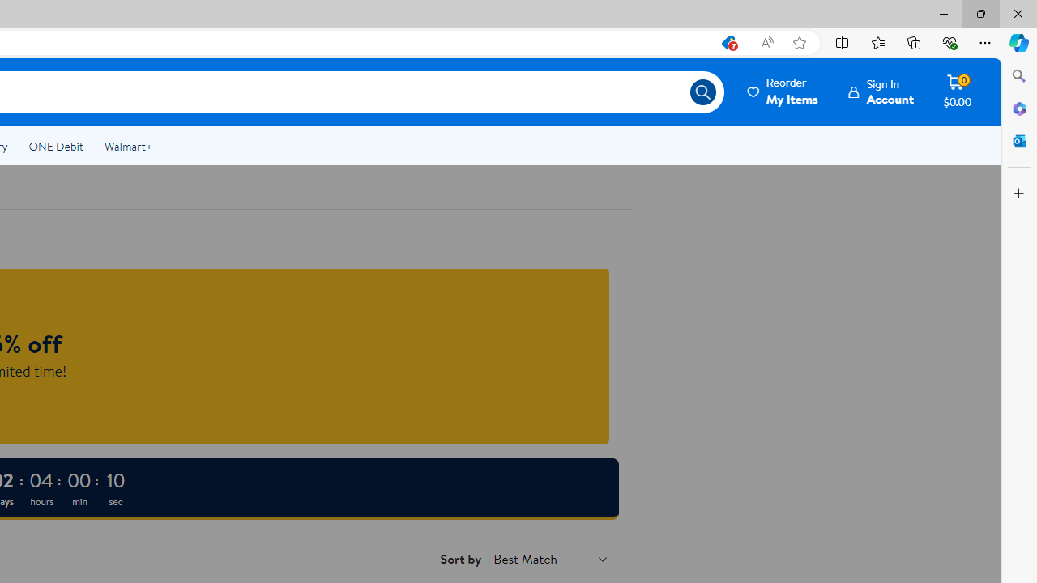 Image resolution: width=1037 pixels, height=583 pixels. I want to click on 'Sign InAccount', so click(881, 91).